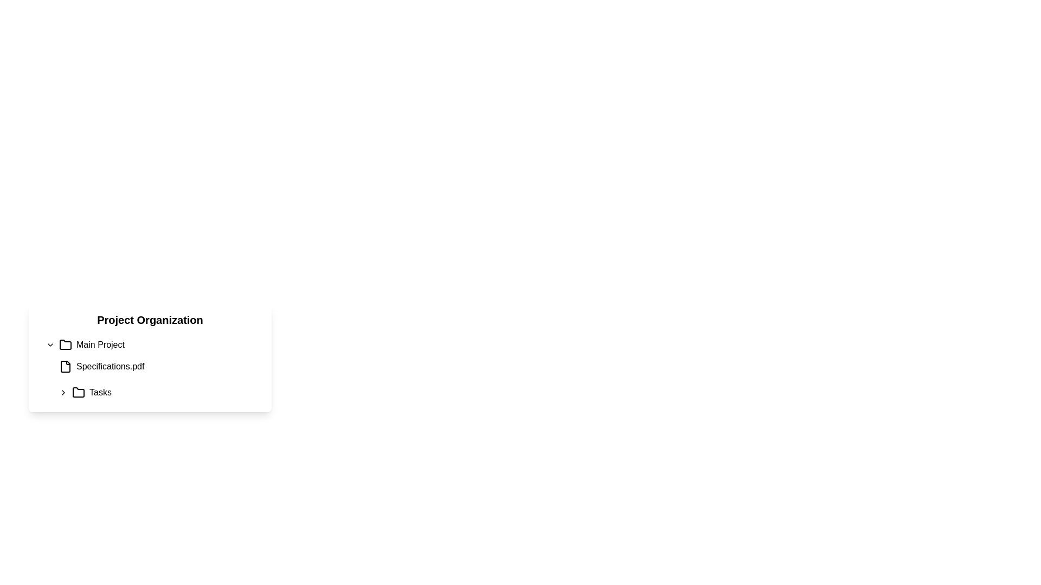 The image size is (1041, 585). I want to click on the folder icon next to 'Main Project' under the 'Project Organization' heading, so click(78, 392).